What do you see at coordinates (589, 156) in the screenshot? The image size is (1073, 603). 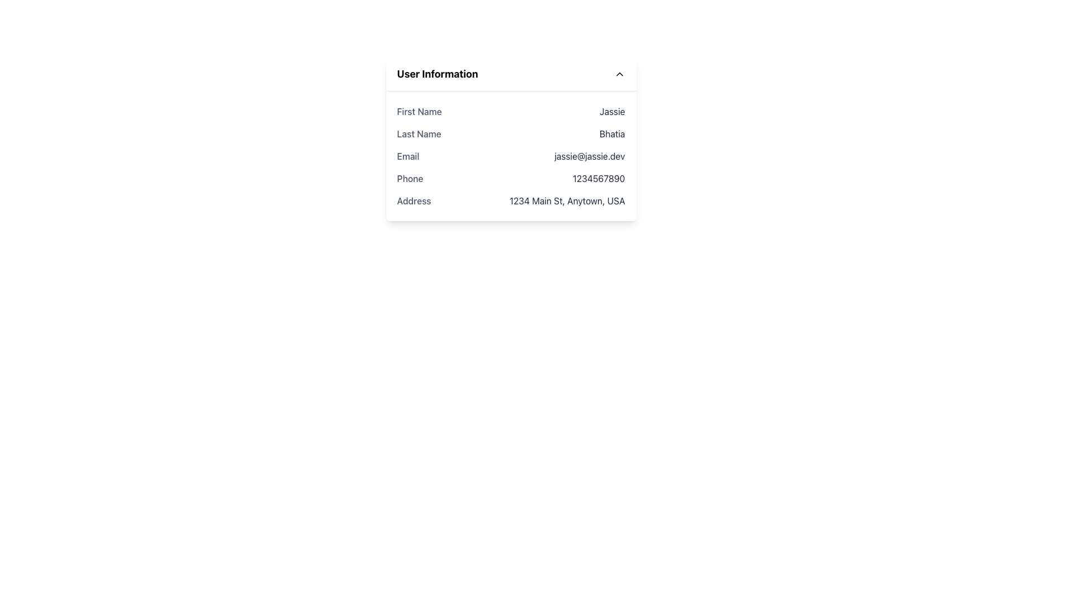 I see `the static text label displaying the user's email address, which is located in the fourth row of the User Information section` at bounding box center [589, 156].